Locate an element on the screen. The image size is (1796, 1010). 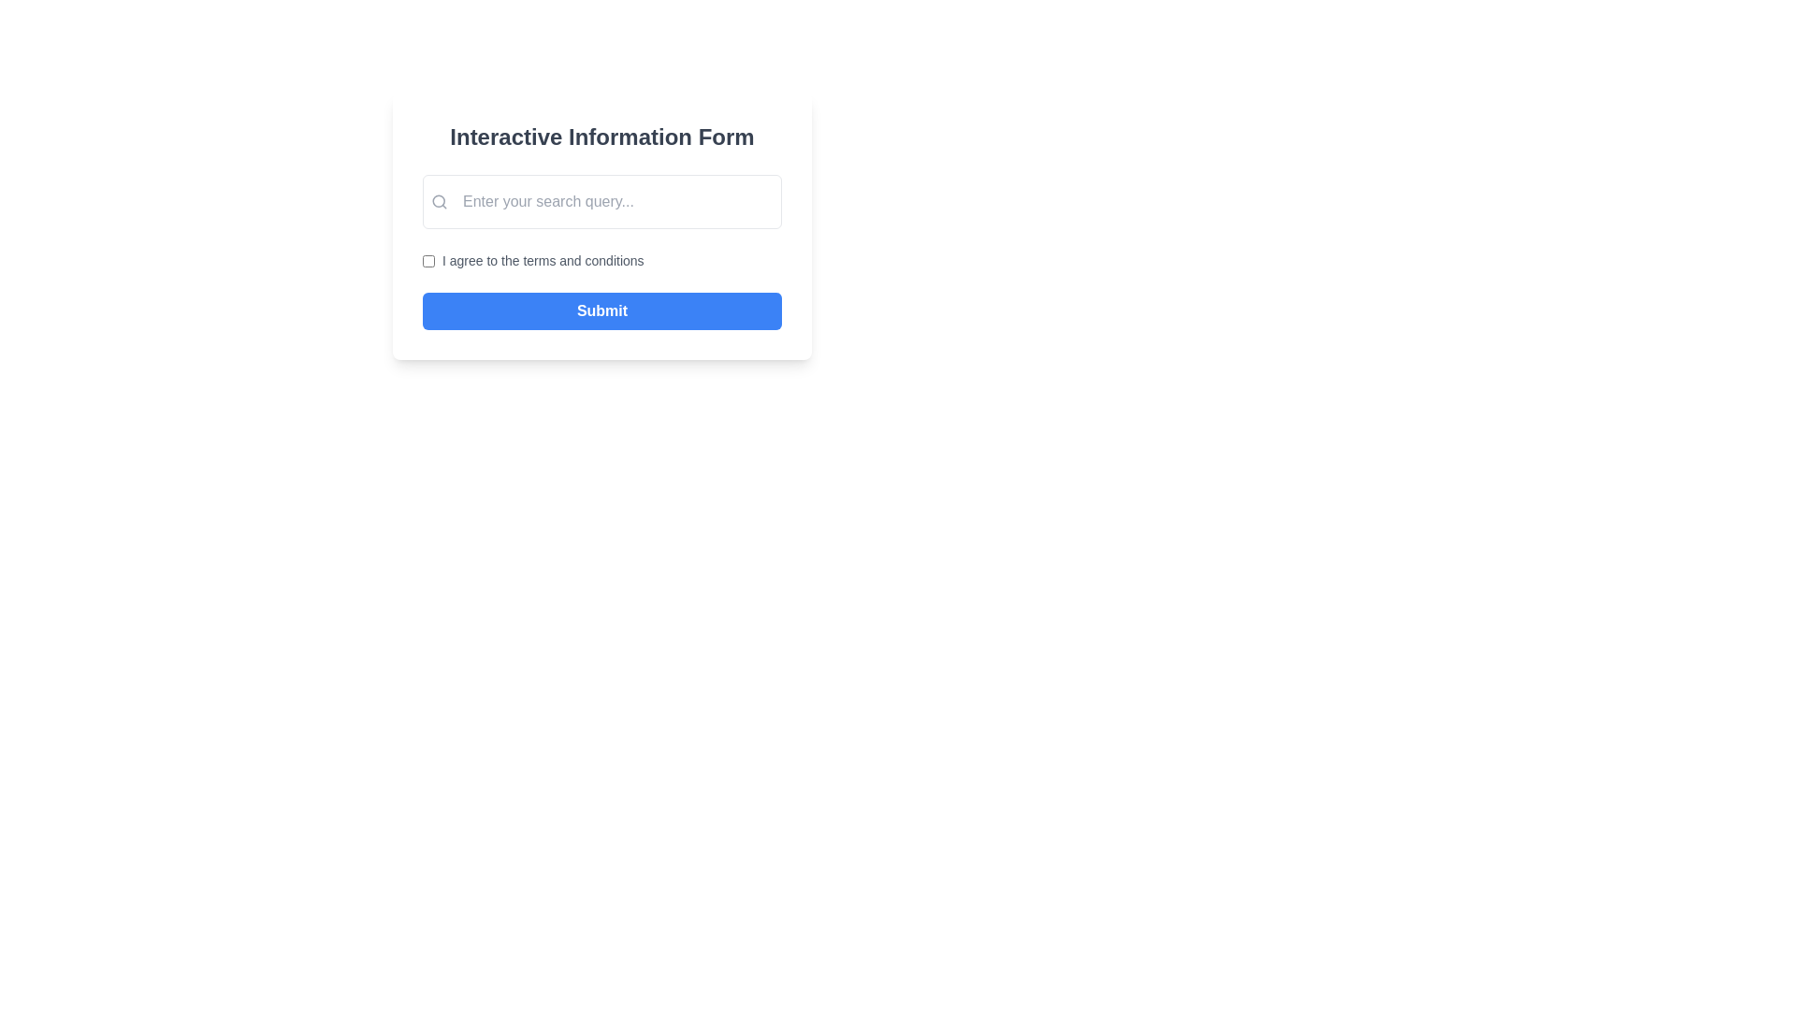
text of the large, bold title 'Interactive Information Form' displayed at the top of the form is located at coordinates (601, 136).